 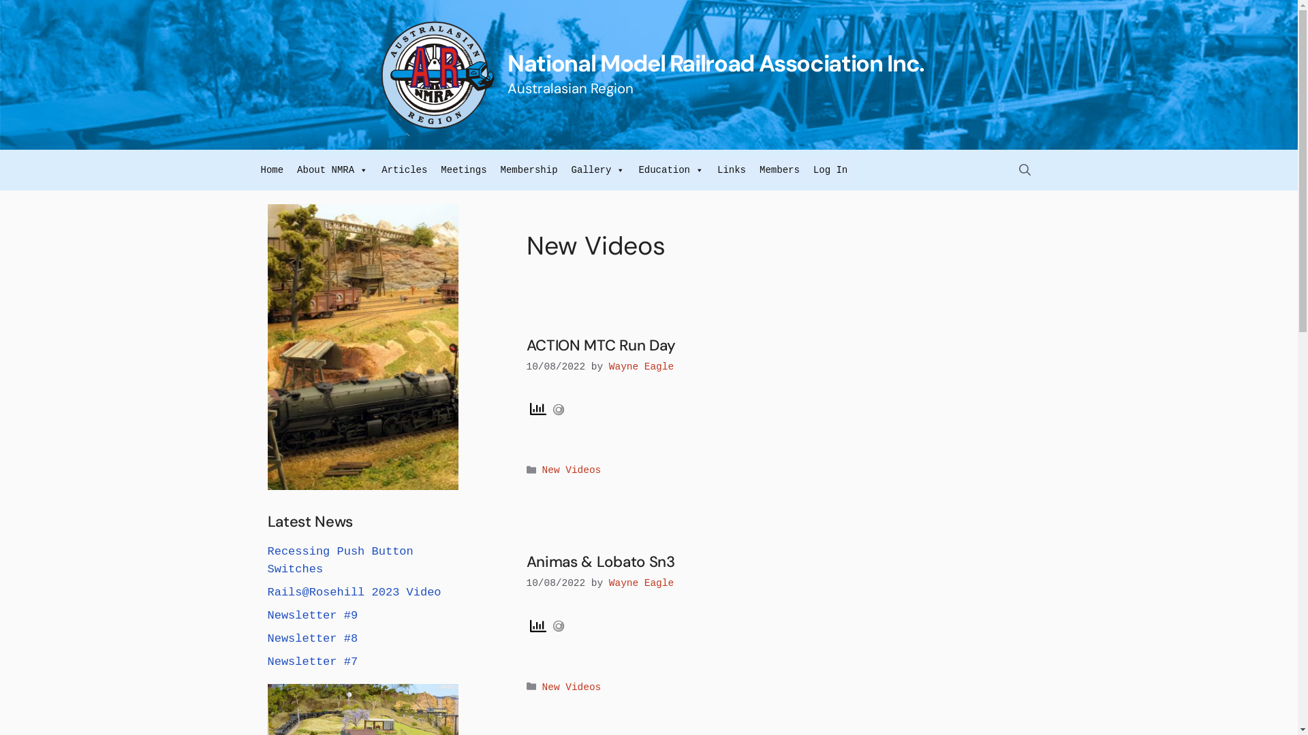 I want to click on 'Animas & Lobato Sn3', so click(x=599, y=561).